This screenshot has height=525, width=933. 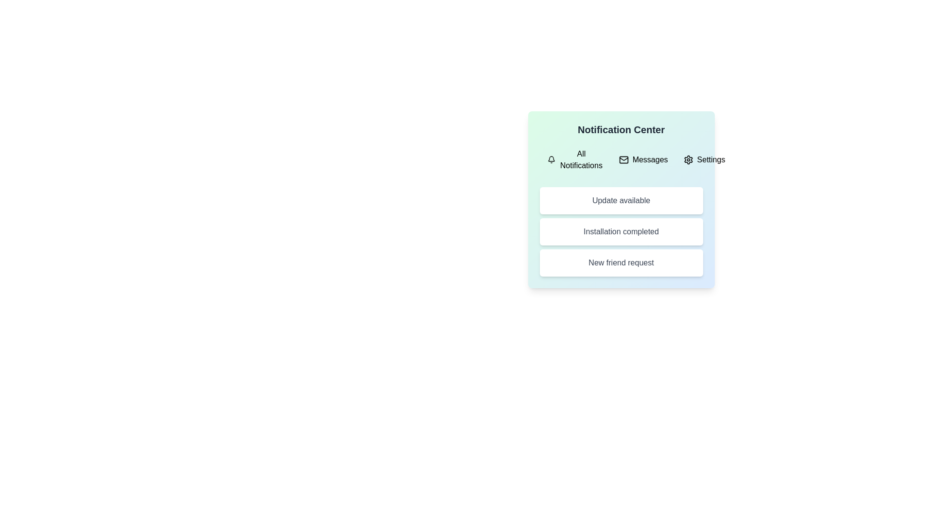 What do you see at coordinates (575, 159) in the screenshot?
I see `the All Notifications tab to view its notifications` at bounding box center [575, 159].